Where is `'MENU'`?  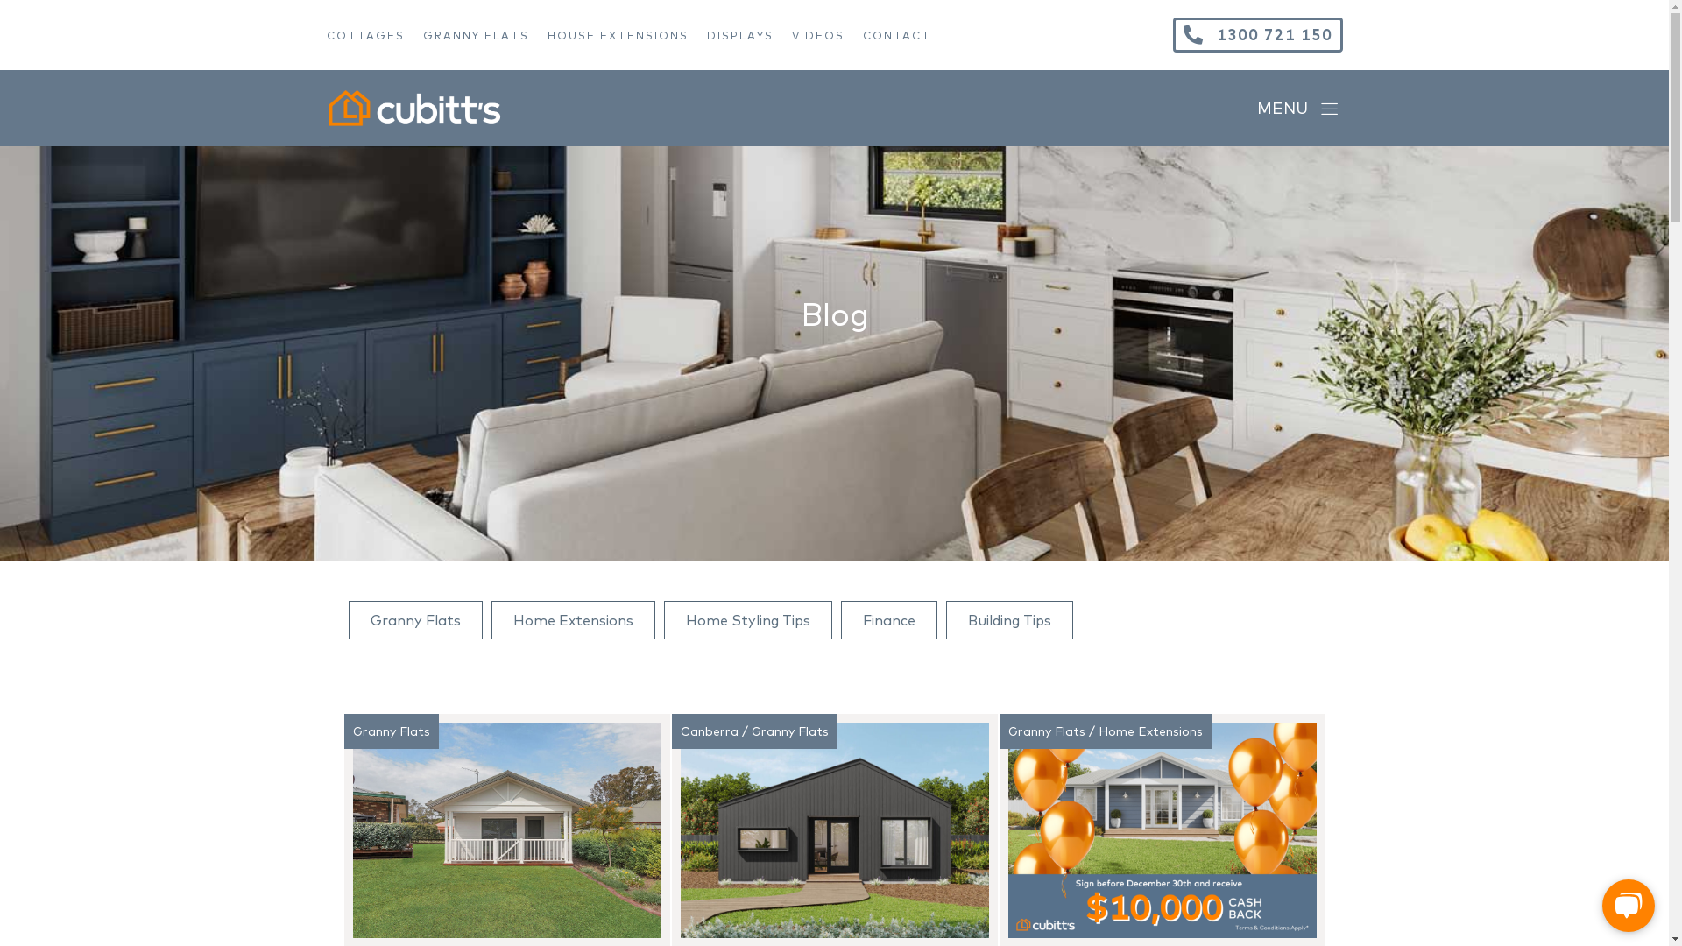
'MENU' is located at coordinates (1297, 108).